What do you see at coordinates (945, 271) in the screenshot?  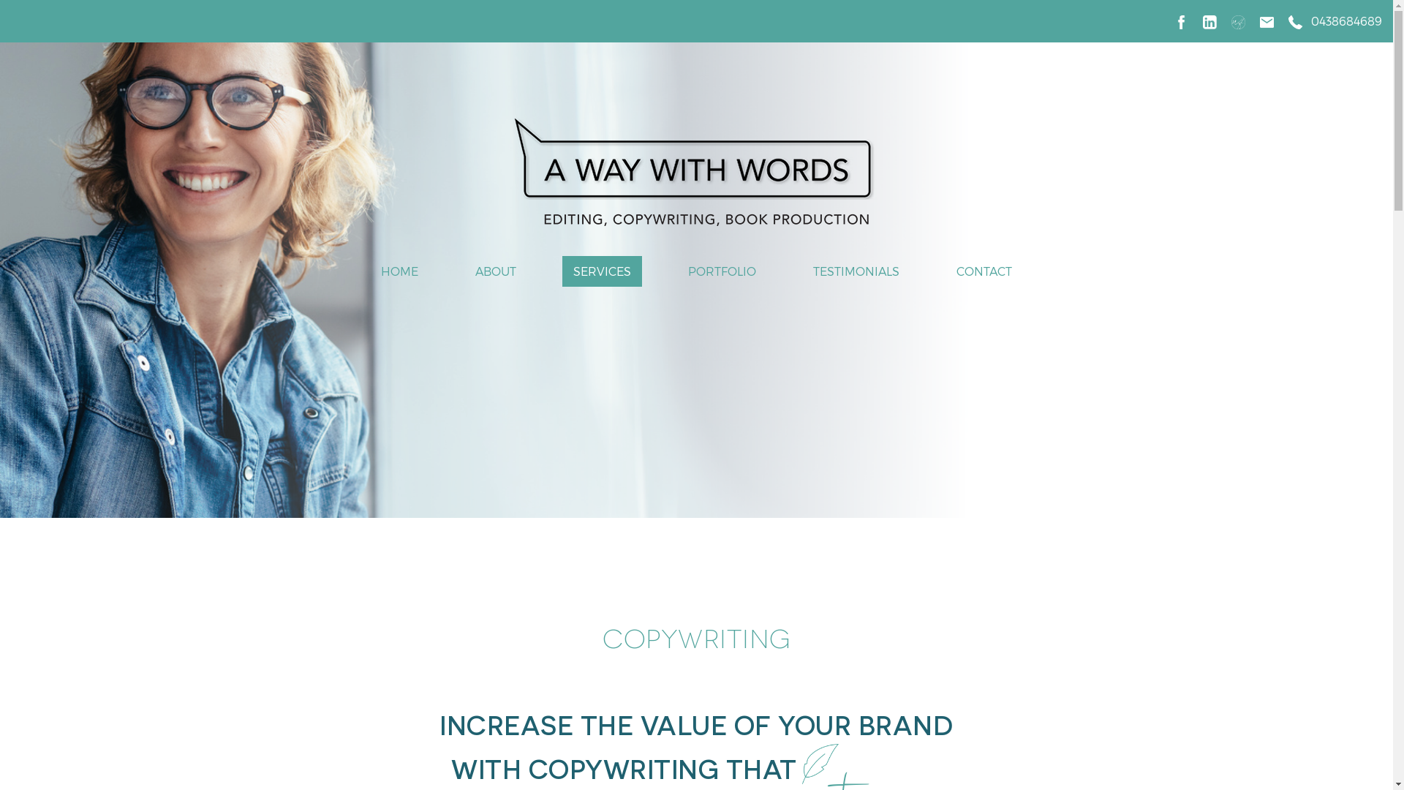 I see `'CONTACT'` at bounding box center [945, 271].